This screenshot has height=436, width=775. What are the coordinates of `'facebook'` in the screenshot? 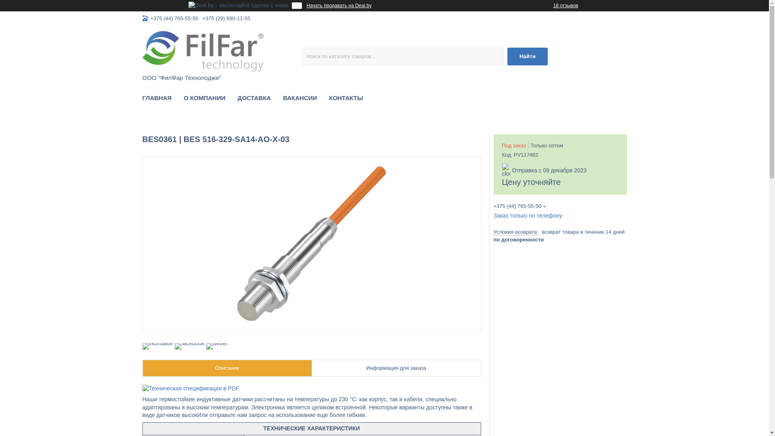 It's located at (189, 343).